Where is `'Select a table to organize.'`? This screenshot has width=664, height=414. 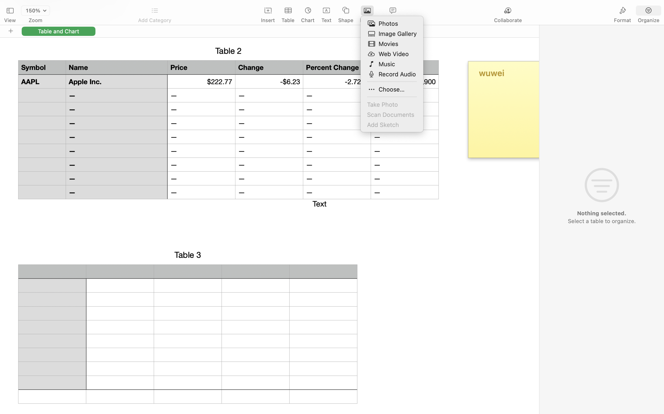 'Select a table to organize.' is located at coordinates (601, 221).